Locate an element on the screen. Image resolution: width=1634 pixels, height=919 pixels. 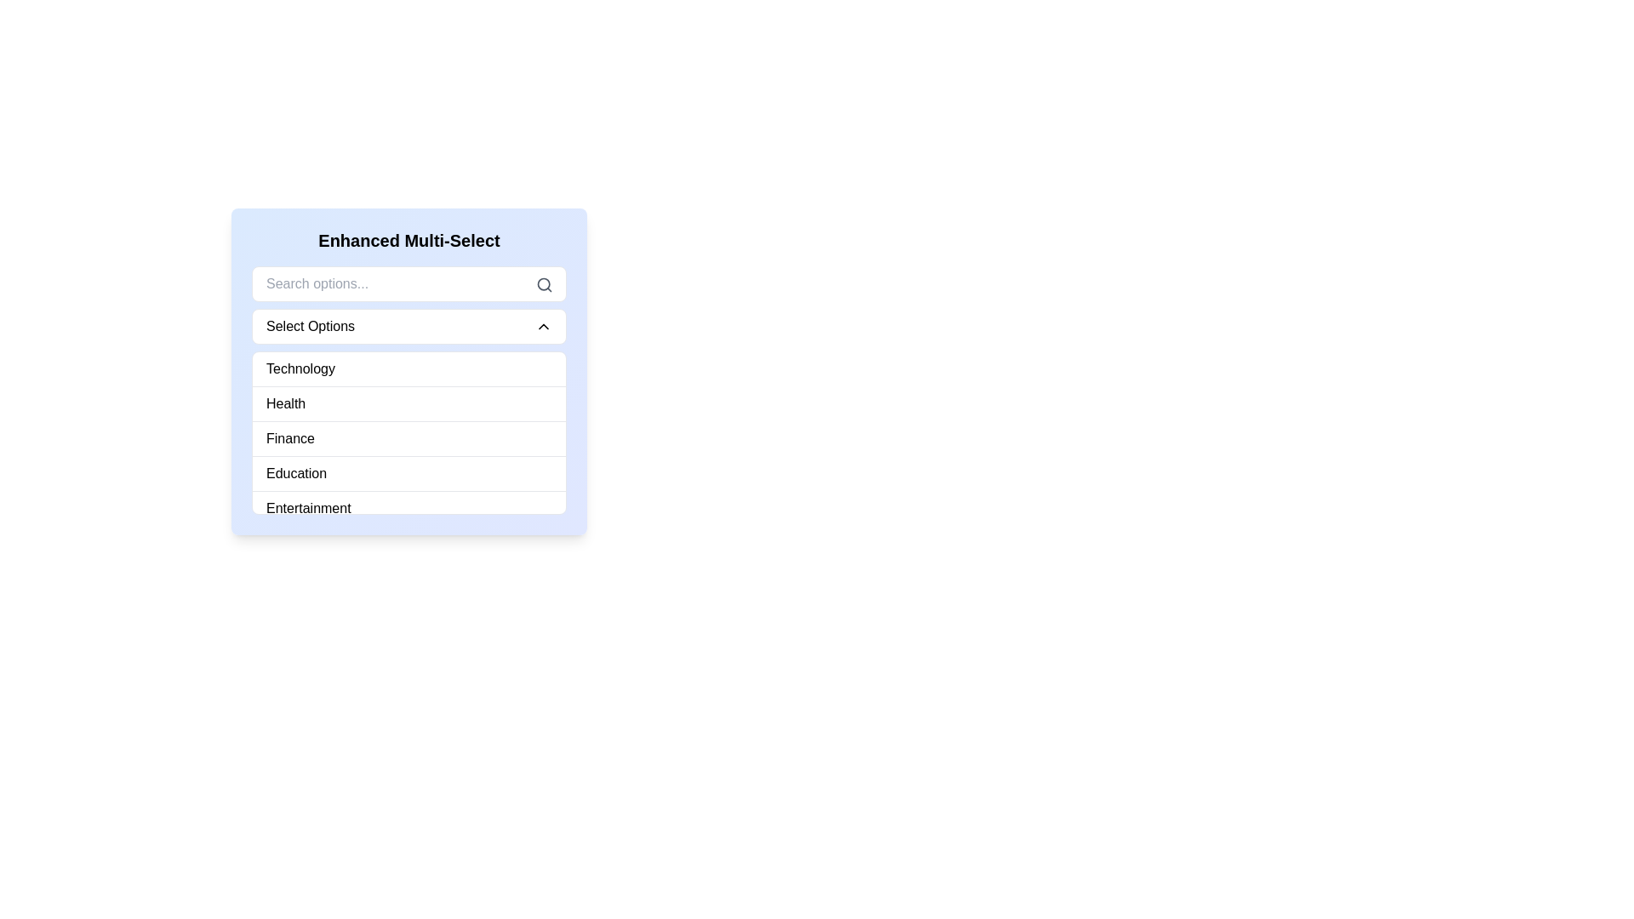
the circular graphical shape that is part of the search icon located in the top-right corner of the search bar, which has a stroke width and no fill color is located at coordinates (543, 283).